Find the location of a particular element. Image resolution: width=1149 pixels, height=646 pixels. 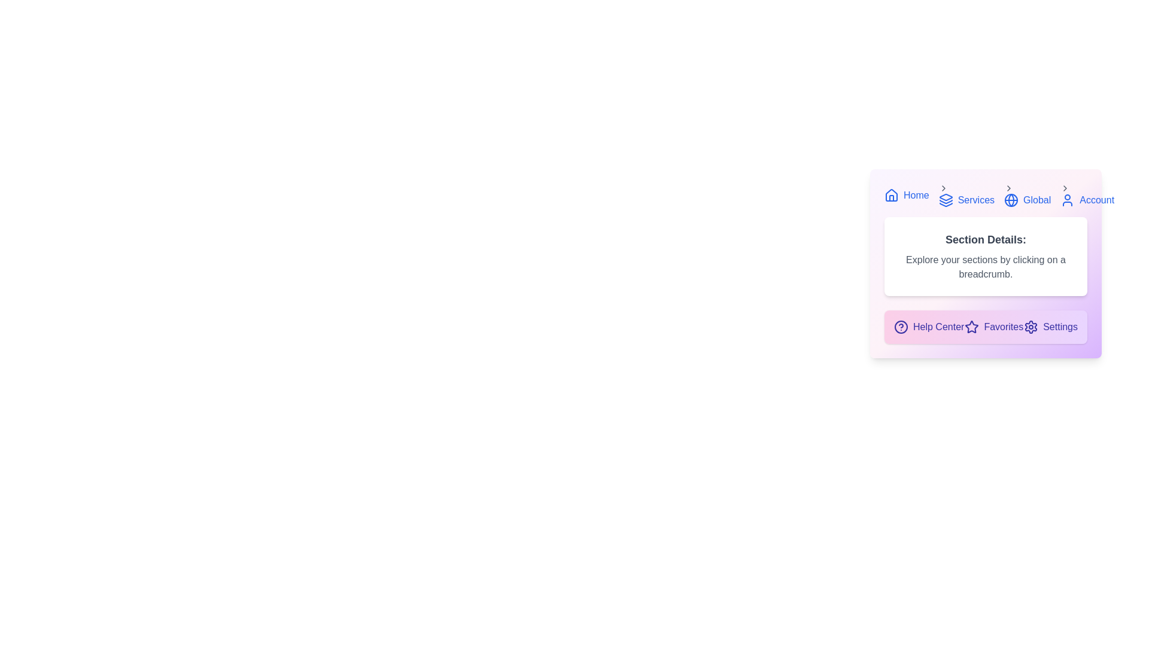

the 'Account' breadcrumb link, which is the fourth item in the breadcrumb navigation sequence at the top of the interface is located at coordinates (1087, 200).